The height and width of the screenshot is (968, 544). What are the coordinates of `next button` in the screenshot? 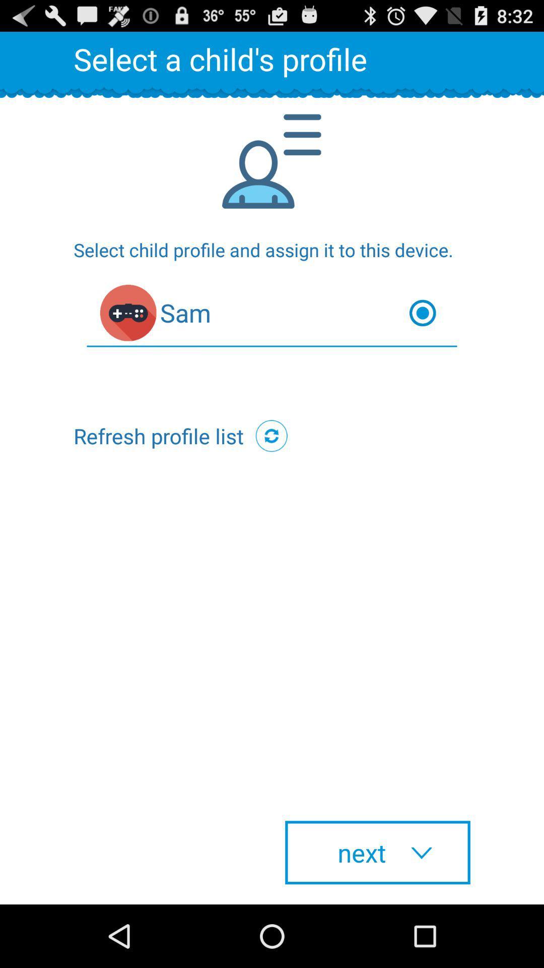 It's located at (377, 852).